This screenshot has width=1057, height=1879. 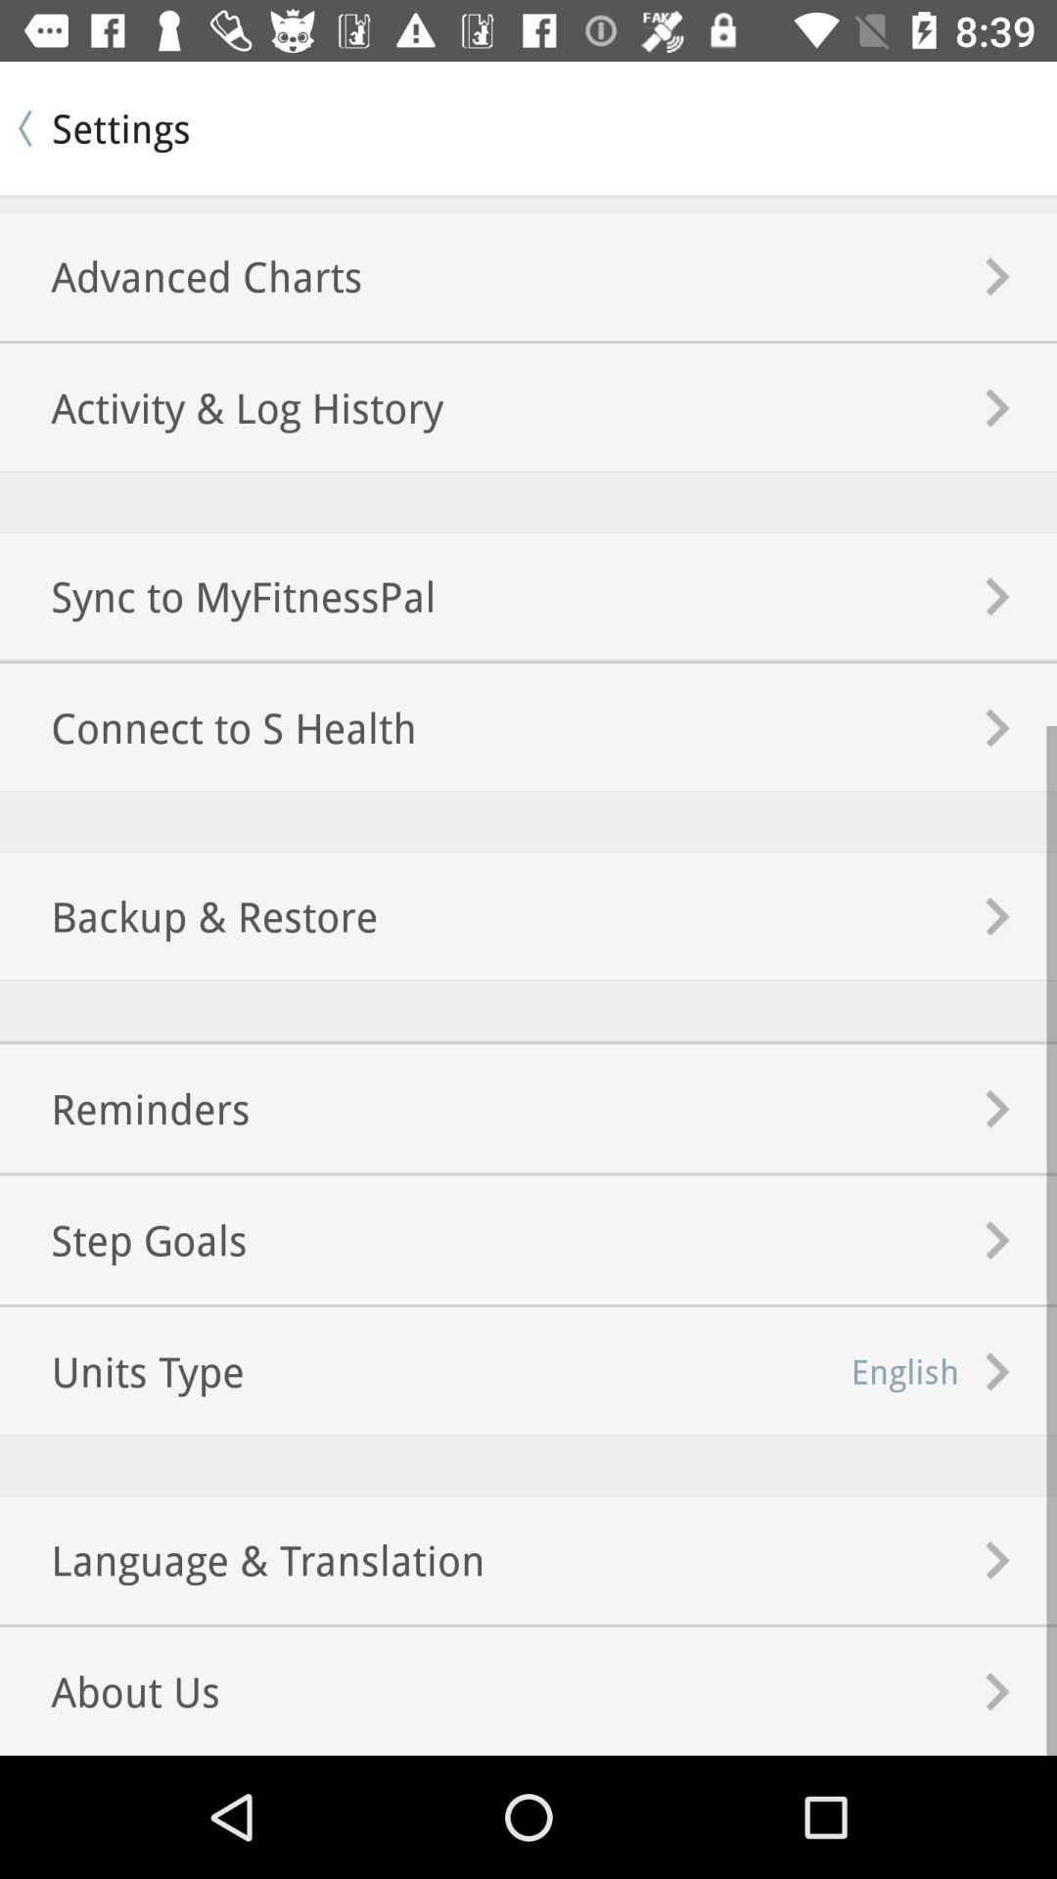 I want to click on the icon below the sync to myfitnesspal icon, so click(x=207, y=726).